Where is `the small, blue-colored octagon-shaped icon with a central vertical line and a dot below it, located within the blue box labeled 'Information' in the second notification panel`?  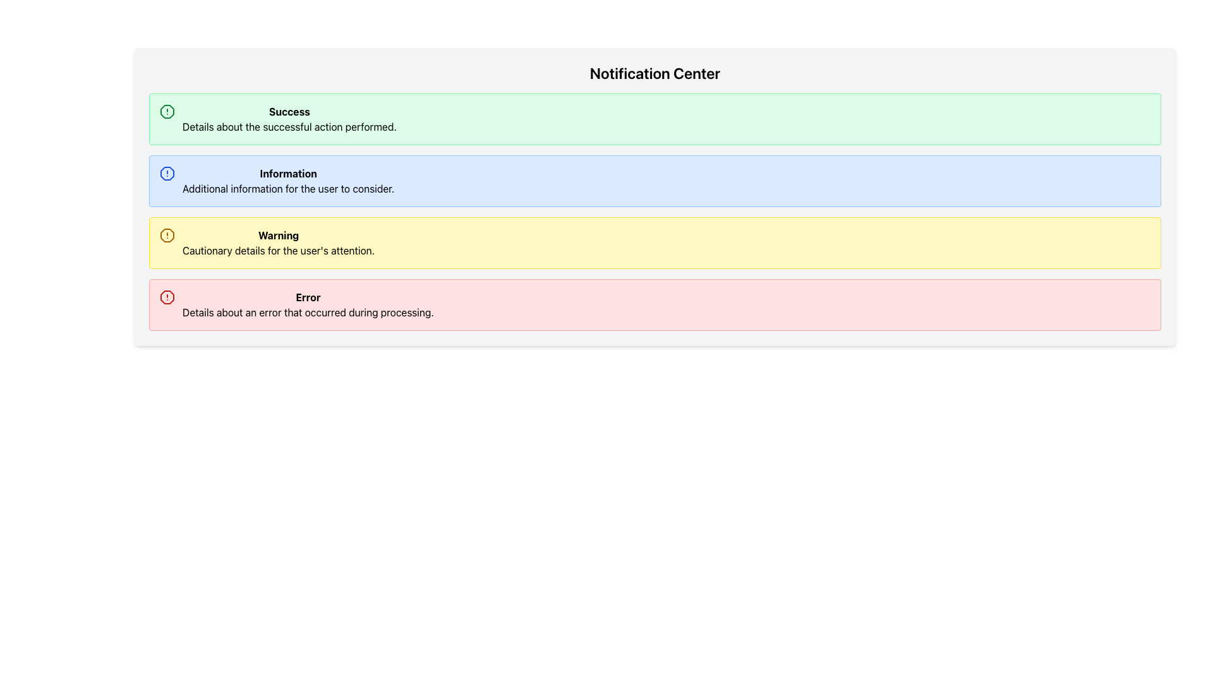 the small, blue-colored octagon-shaped icon with a central vertical line and a dot below it, located within the blue box labeled 'Information' in the second notification panel is located at coordinates (166, 173).